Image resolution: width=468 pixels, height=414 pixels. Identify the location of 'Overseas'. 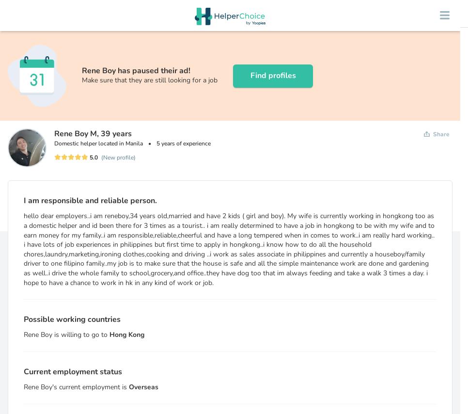
(143, 386).